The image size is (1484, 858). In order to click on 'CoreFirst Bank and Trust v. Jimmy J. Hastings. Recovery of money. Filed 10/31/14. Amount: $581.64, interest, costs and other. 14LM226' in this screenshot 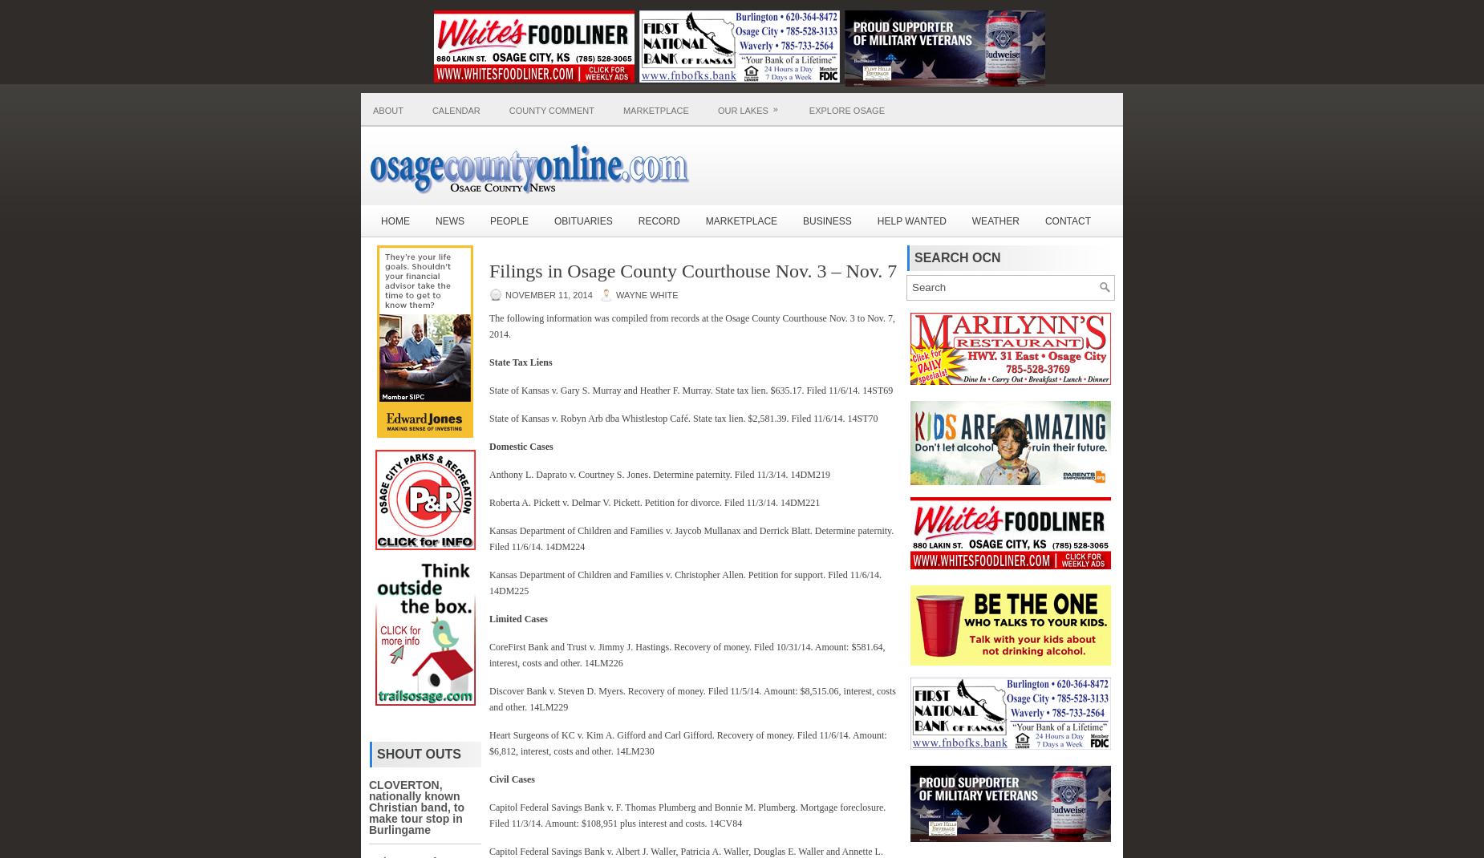, I will do `click(687, 654)`.